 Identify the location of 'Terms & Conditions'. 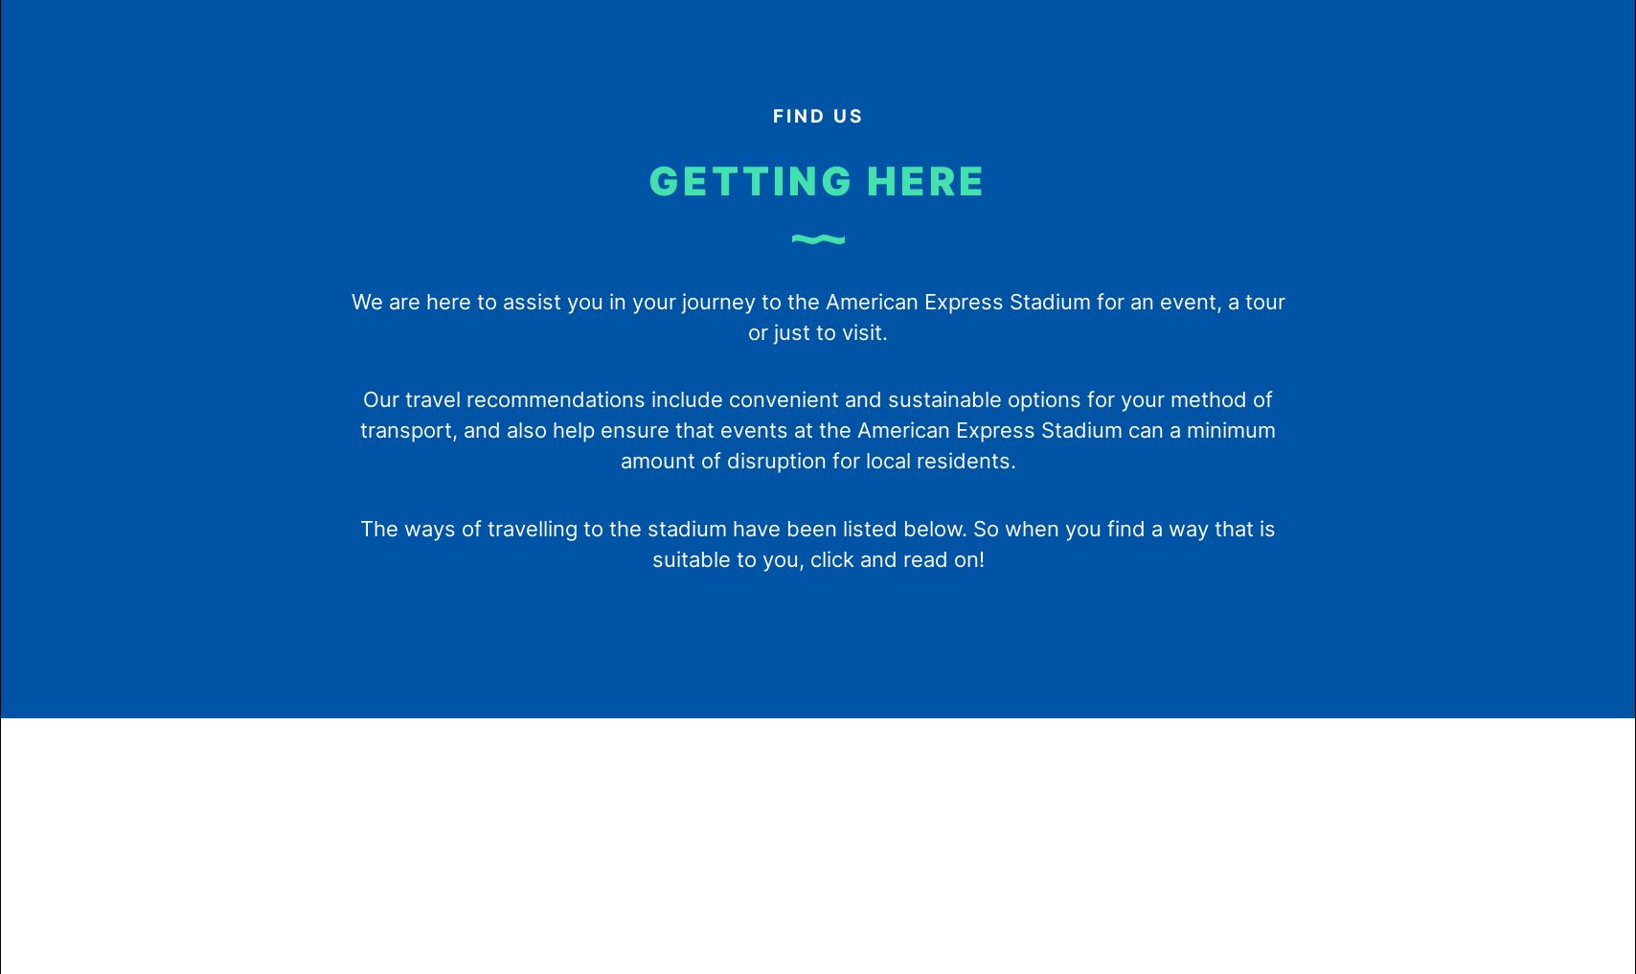
(748, 202).